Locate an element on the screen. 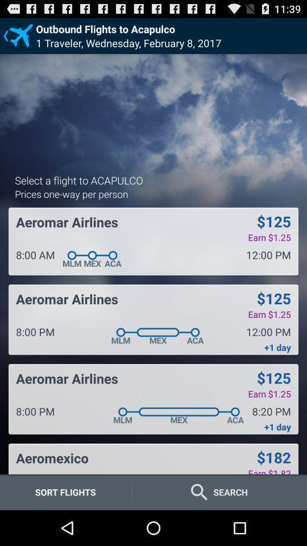 The width and height of the screenshot is (307, 546). the item next to earn $1.82 icon is located at coordinates (52, 458).